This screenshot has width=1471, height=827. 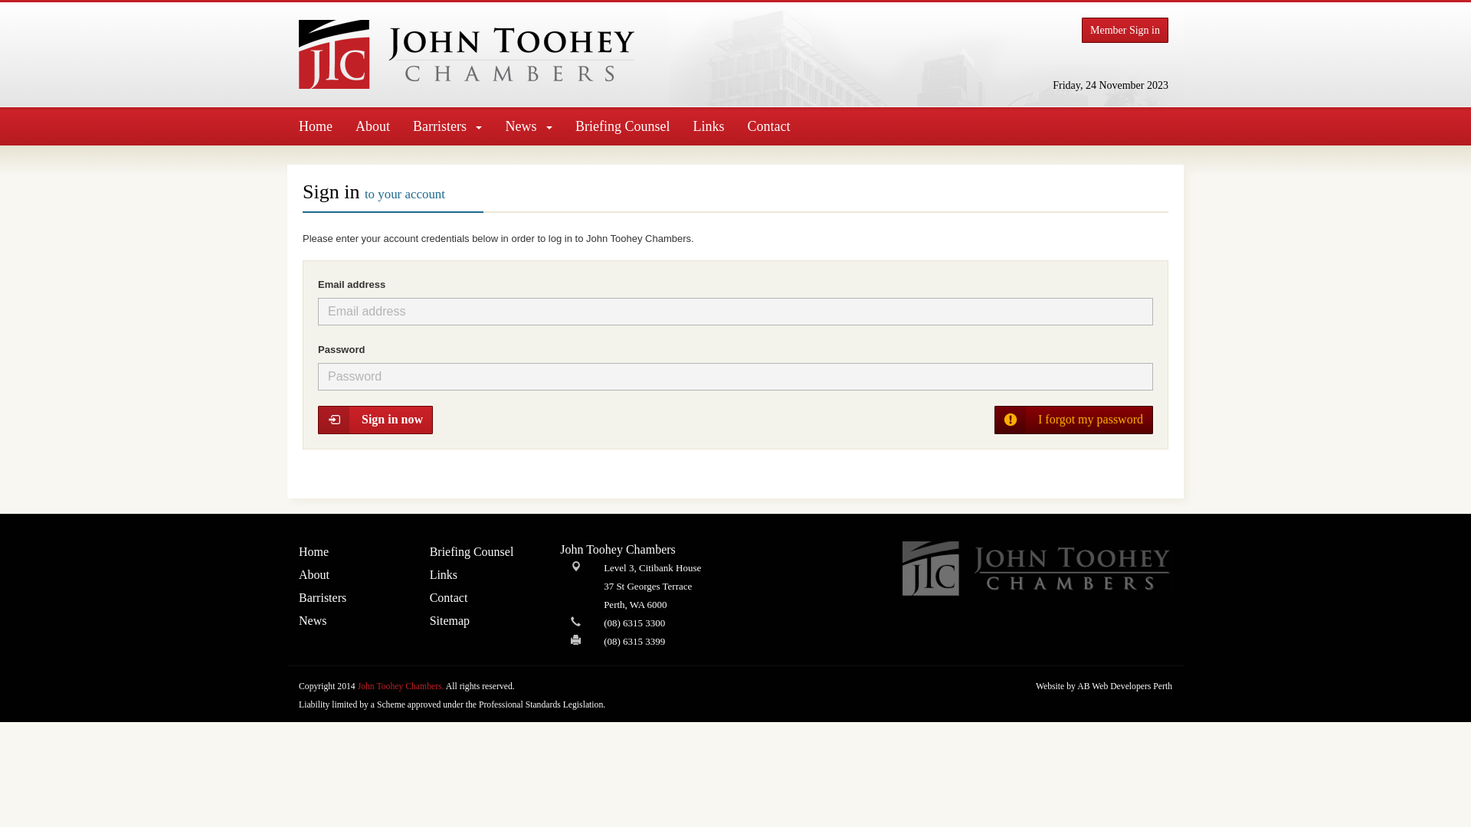 What do you see at coordinates (287, 126) in the screenshot?
I see `'Home'` at bounding box center [287, 126].